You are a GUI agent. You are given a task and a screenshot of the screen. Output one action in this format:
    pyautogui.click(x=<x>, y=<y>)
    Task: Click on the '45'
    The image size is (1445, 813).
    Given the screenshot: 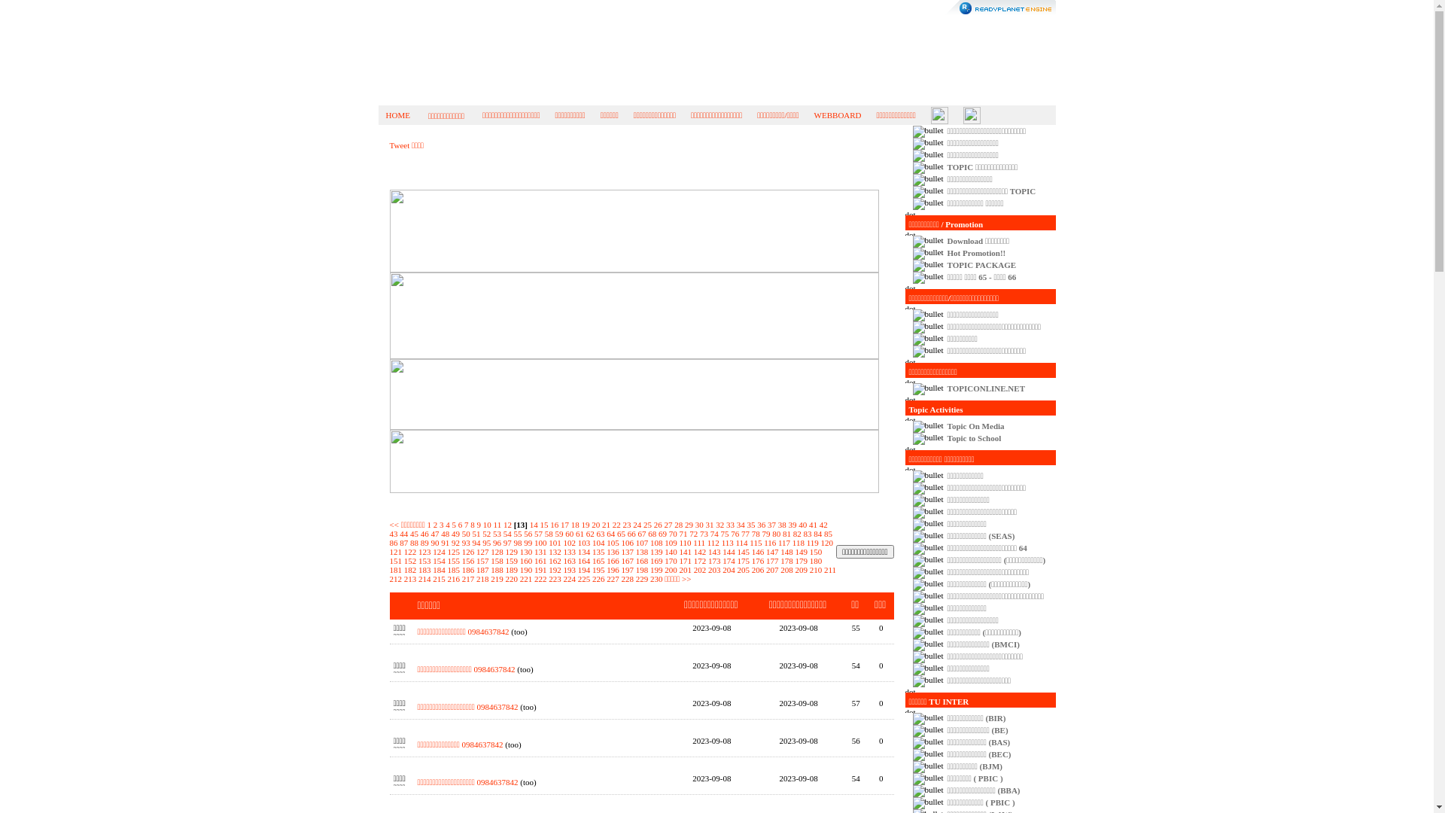 What is the action you would take?
    pyautogui.click(x=414, y=533)
    